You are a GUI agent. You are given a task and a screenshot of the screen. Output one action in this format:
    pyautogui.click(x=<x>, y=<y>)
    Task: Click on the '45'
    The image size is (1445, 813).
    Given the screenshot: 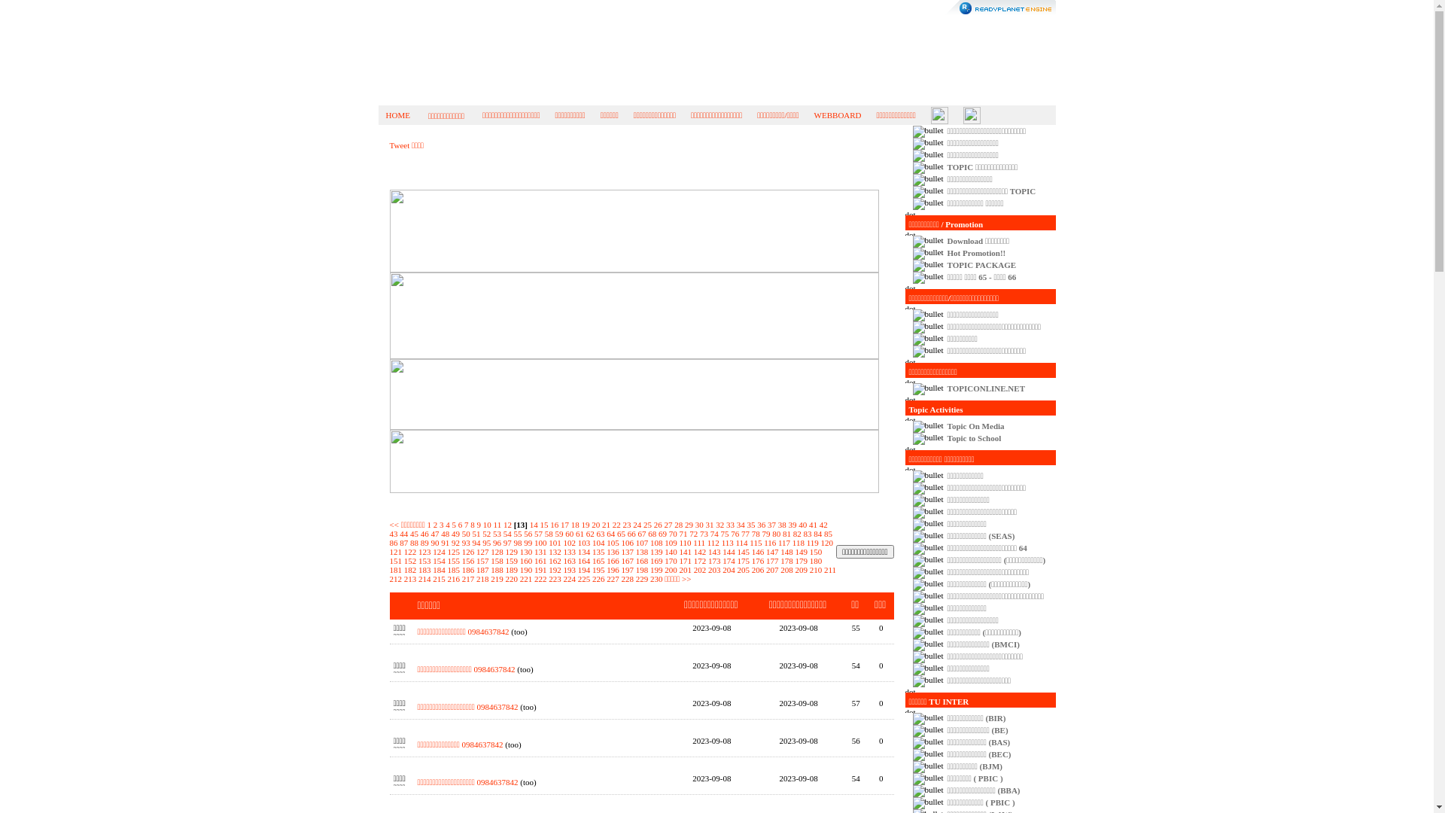 What is the action you would take?
    pyautogui.click(x=414, y=533)
    